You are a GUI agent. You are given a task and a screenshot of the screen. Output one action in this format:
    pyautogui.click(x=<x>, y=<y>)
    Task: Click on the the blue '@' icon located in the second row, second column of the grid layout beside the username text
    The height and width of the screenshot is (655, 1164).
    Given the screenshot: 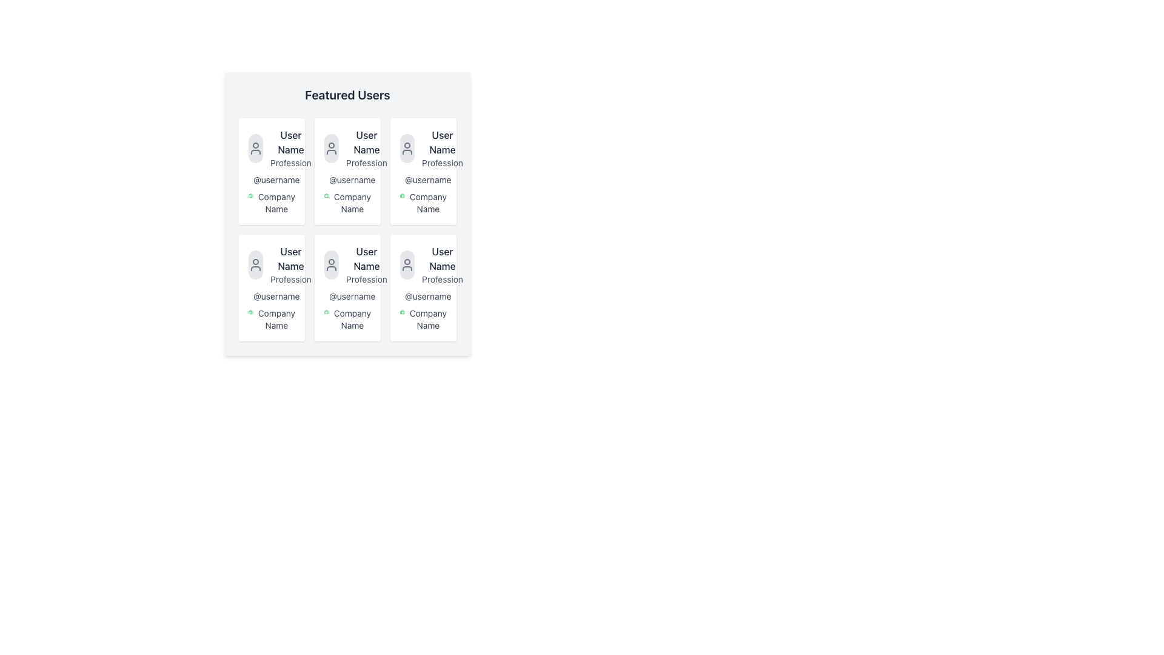 What is the action you would take?
    pyautogui.click(x=332, y=297)
    